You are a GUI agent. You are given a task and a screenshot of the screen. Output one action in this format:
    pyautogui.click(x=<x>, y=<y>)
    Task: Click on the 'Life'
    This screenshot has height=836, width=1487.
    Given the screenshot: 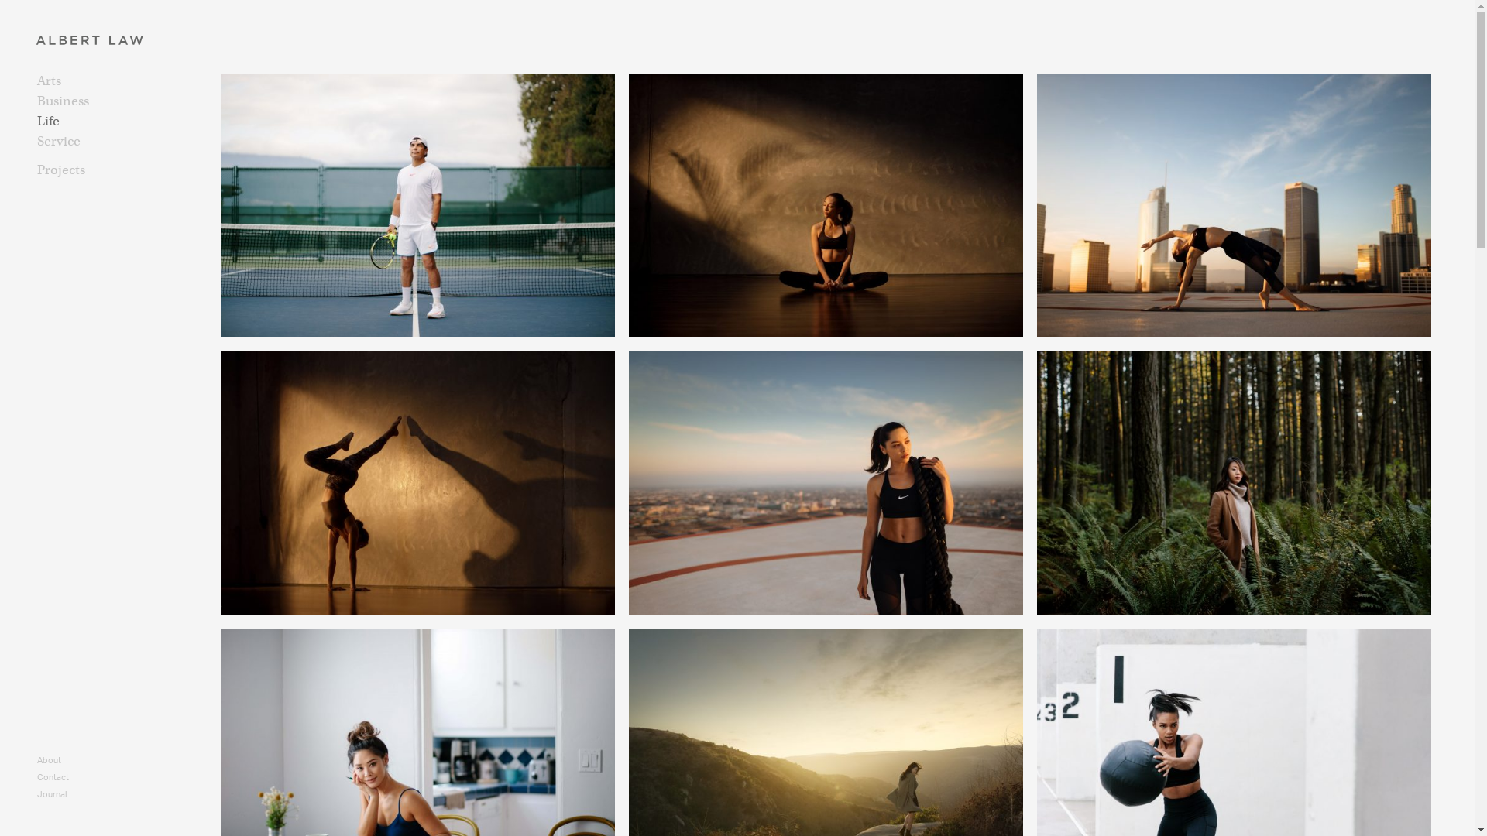 What is the action you would take?
    pyautogui.click(x=130, y=121)
    